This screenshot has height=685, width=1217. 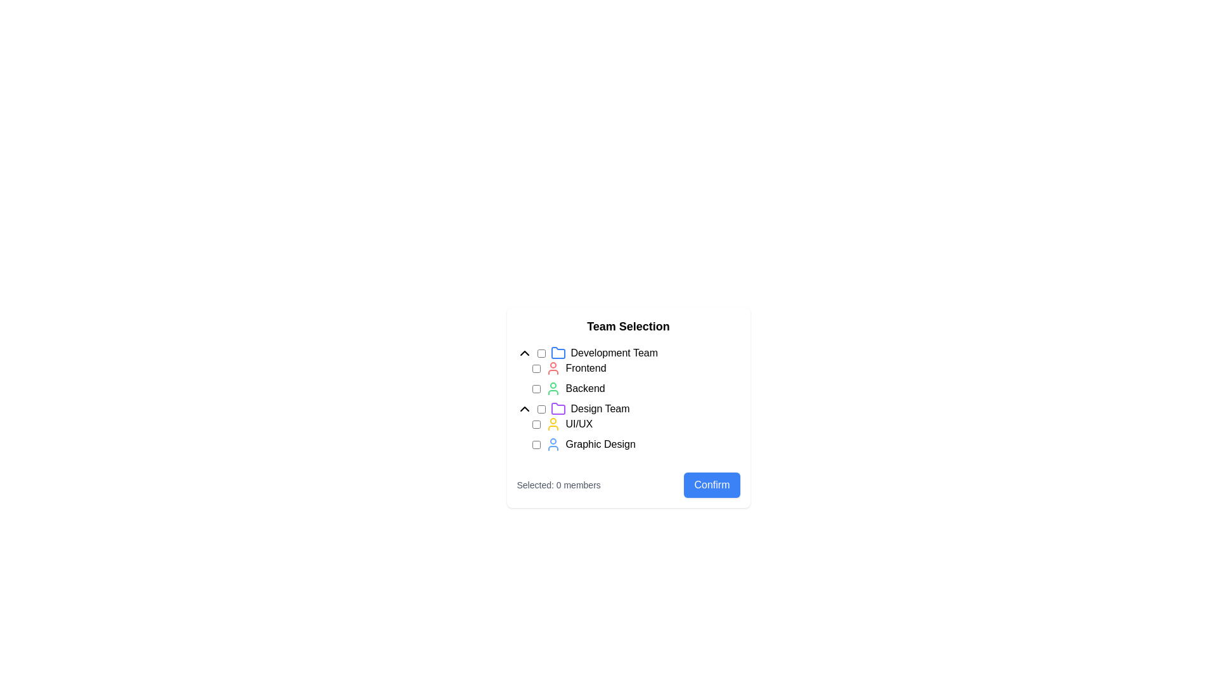 What do you see at coordinates (600, 444) in the screenshot?
I see `the text label displaying 'Graphic Design' located in the lower part of the 'Design Team' subsection, which is the last entry in the list` at bounding box center [600, 444].